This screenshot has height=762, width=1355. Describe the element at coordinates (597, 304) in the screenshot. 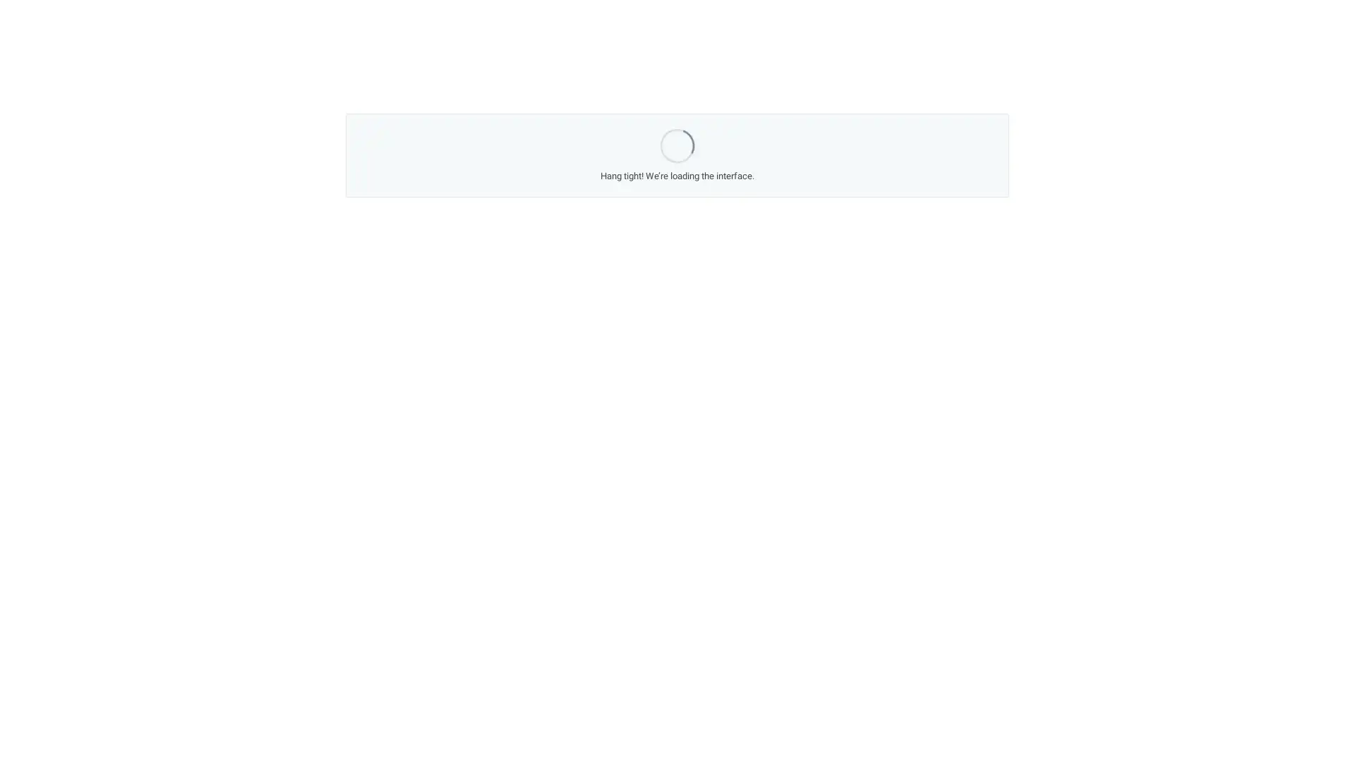

I see `Why don't I need a password?` at that location.